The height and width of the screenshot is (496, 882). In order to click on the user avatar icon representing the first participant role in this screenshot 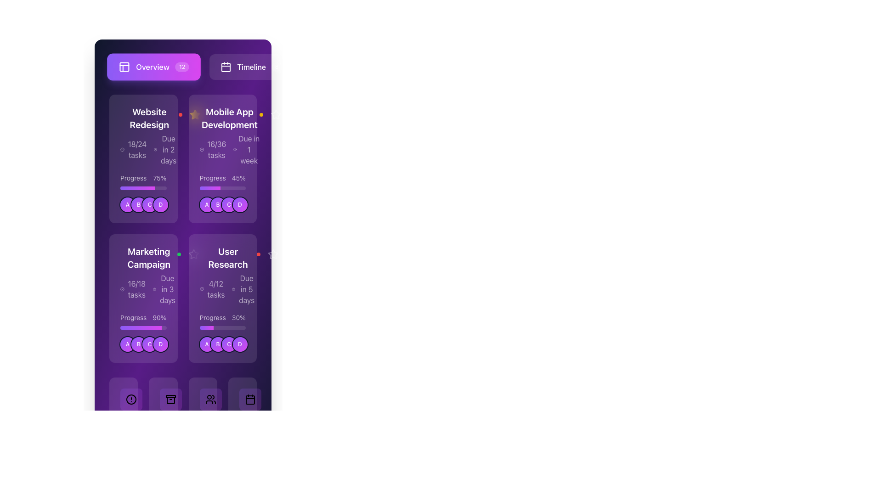, I will do `click(206, 344)`.